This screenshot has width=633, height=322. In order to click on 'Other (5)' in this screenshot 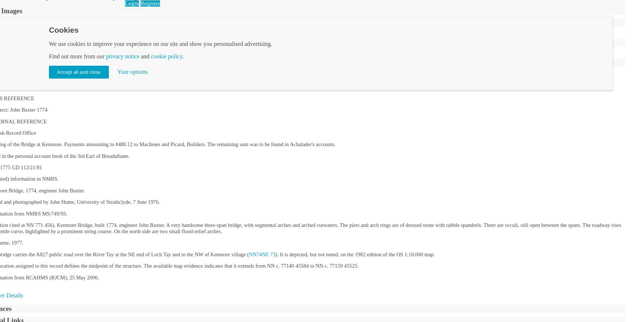, I will do `click(193, 33)`.